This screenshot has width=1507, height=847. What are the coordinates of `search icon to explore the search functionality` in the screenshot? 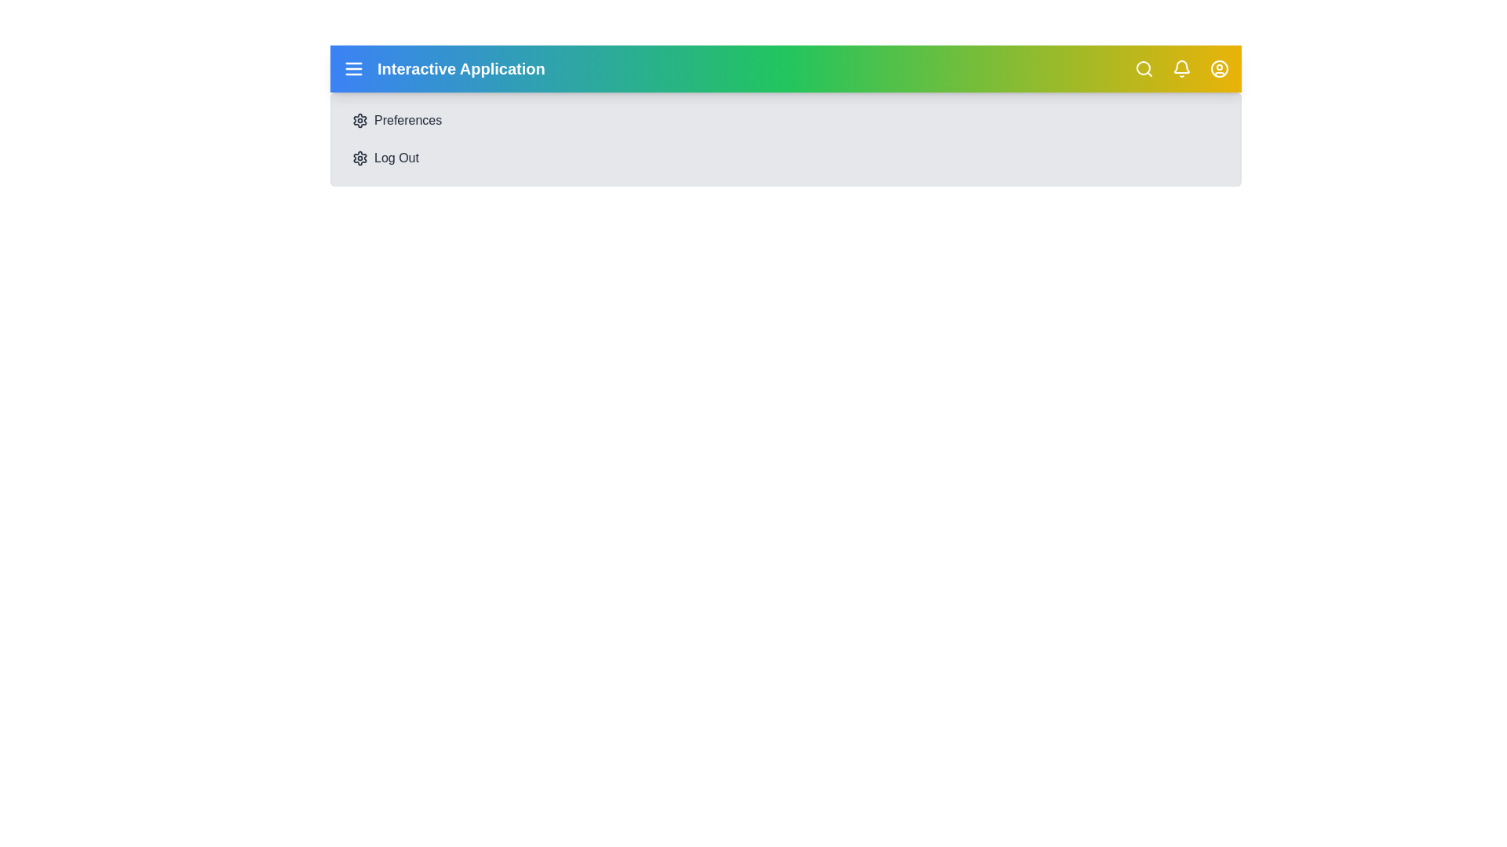 It's located at (1144, 68).